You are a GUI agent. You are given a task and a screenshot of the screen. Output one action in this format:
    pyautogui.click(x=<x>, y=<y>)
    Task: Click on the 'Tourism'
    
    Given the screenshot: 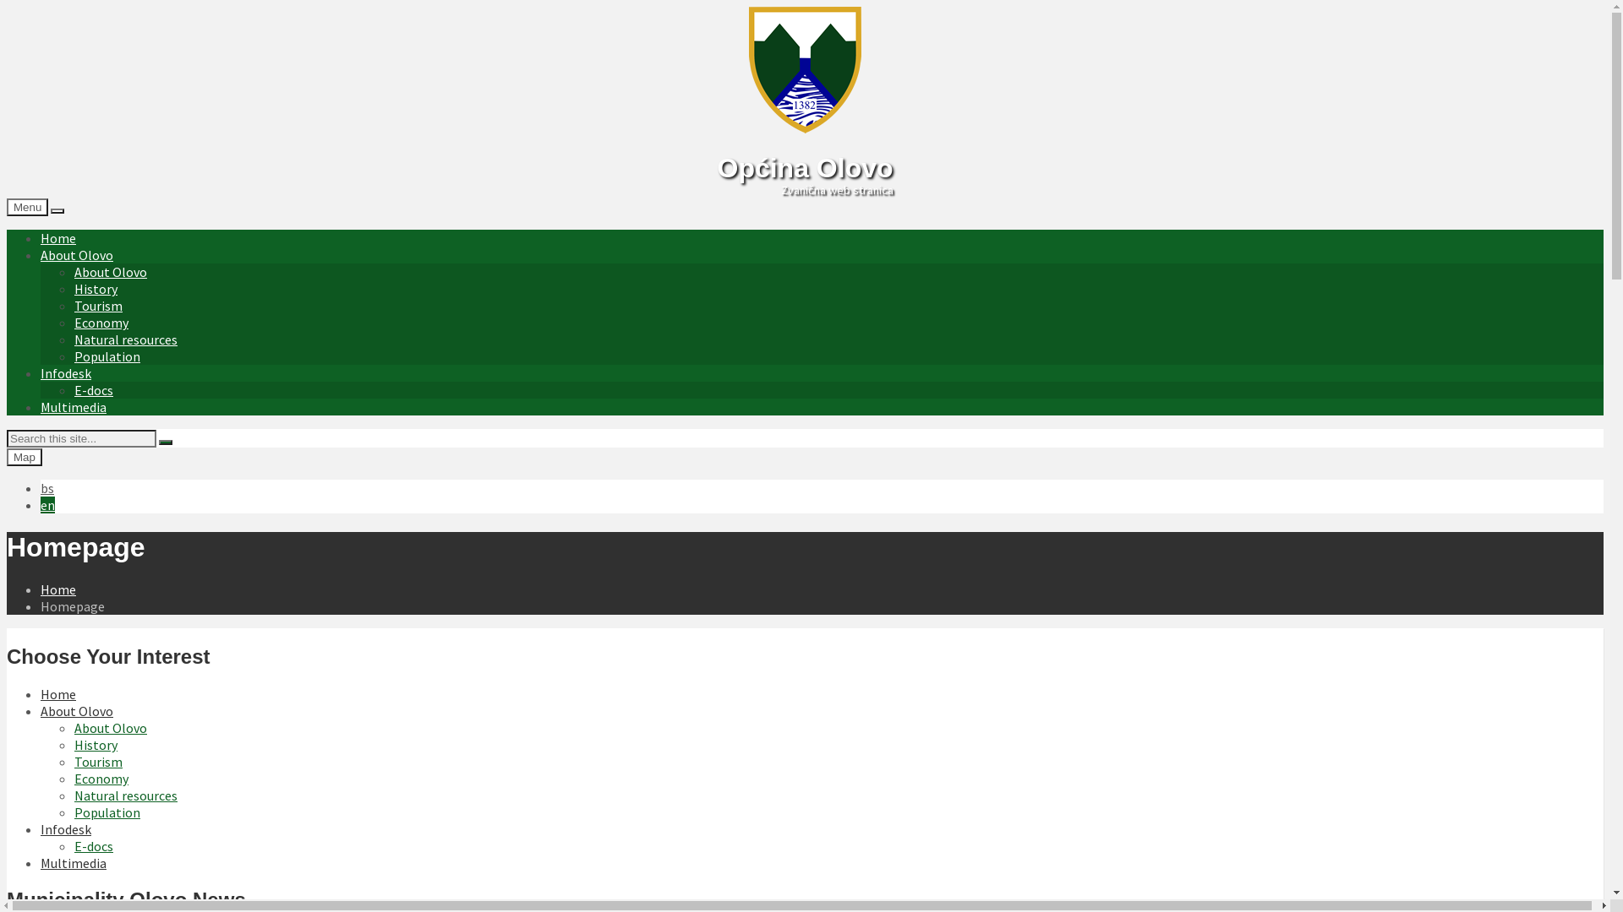 What is the action you would take?
    pyautogui.click(x=97, y=306)
    